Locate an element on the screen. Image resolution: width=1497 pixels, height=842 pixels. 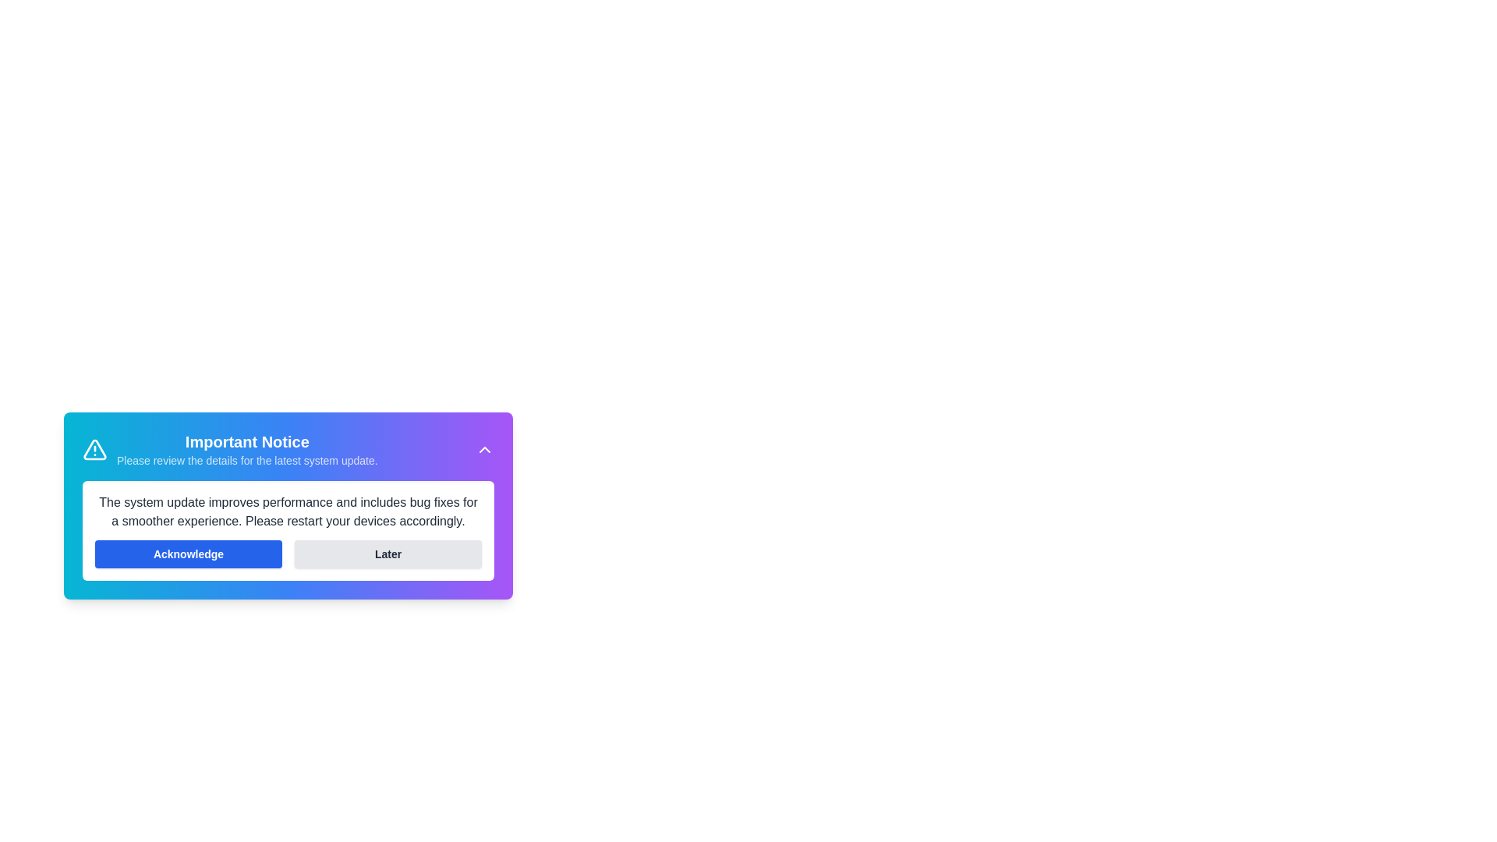
the alert icon to interact with it is located at coordinates (94, 450).